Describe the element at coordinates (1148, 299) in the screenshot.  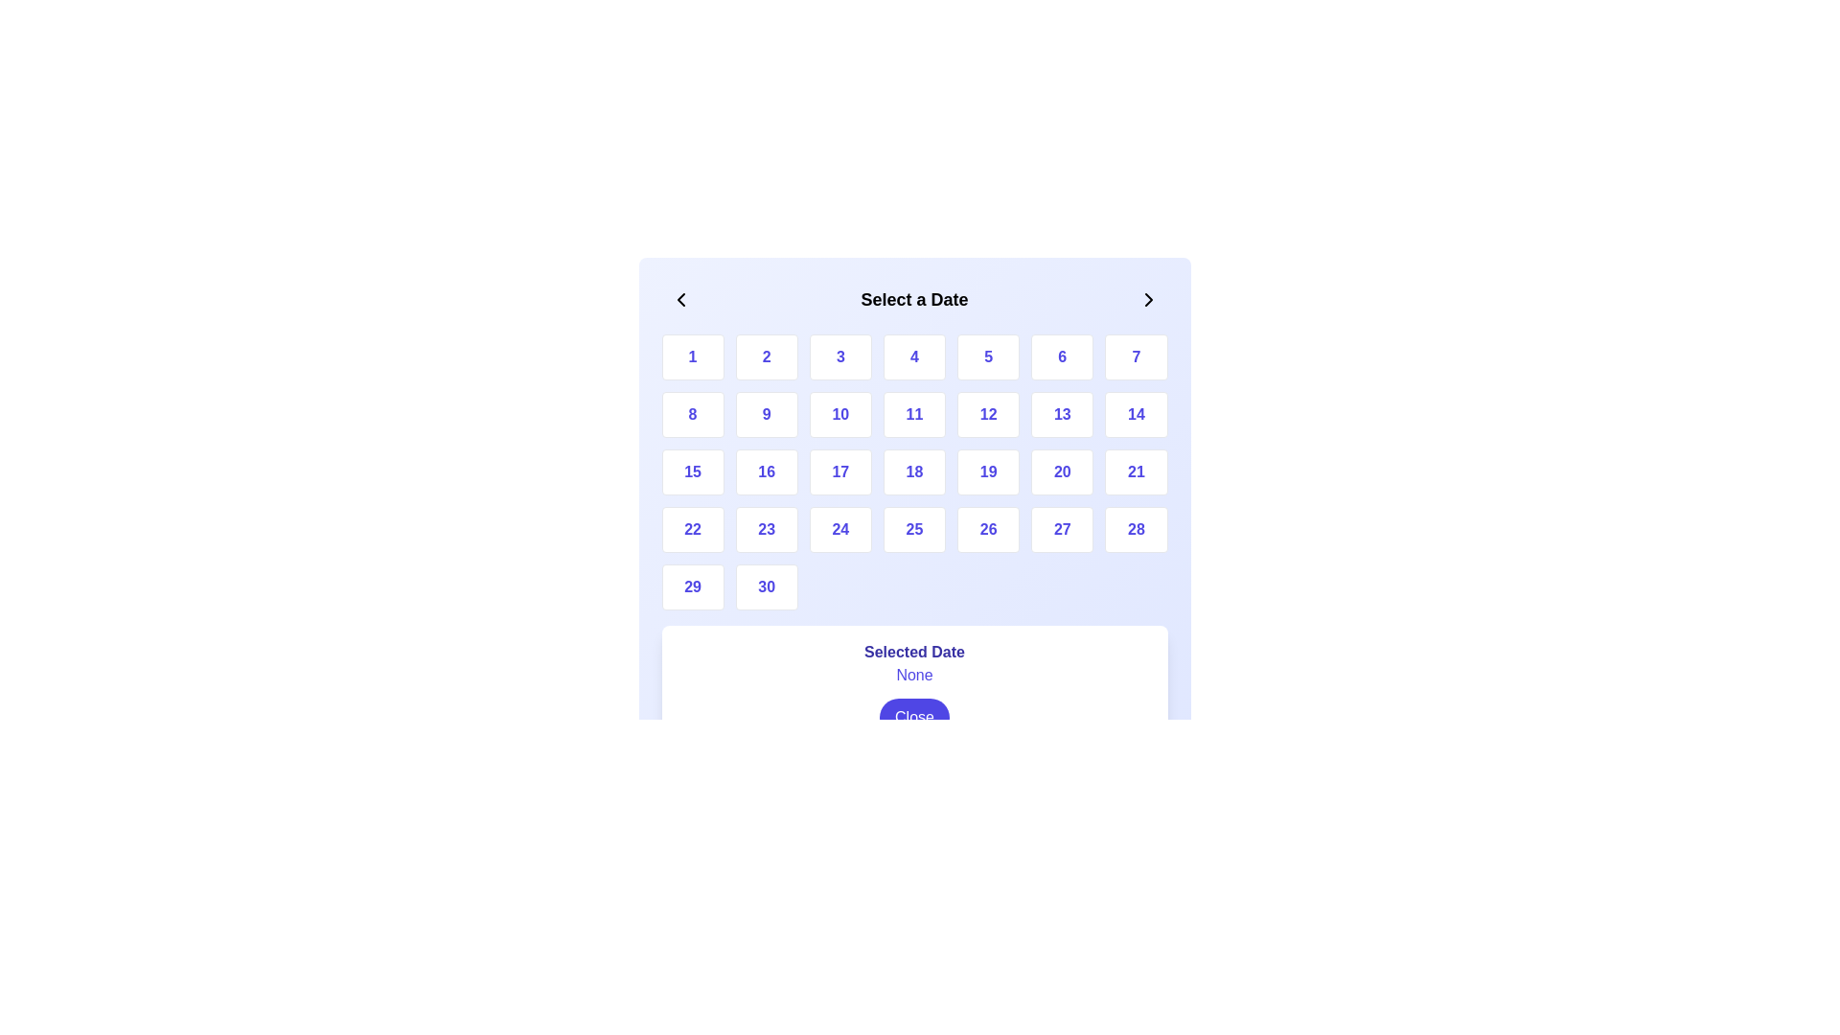
I see `the navigation arrow icon in the top-right corner of the calendar interface` at that location.